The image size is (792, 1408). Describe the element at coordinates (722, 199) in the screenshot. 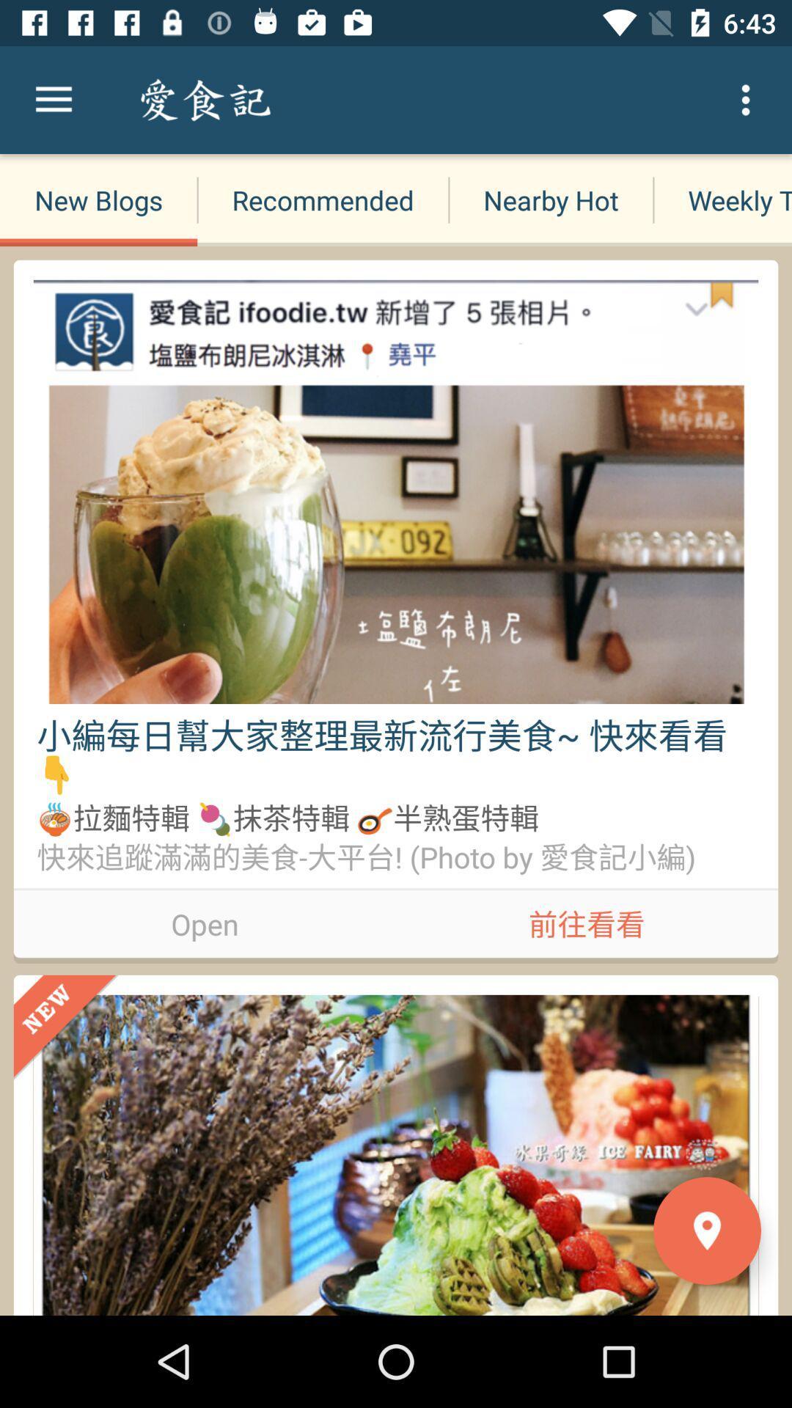

I see `the weekly tops` at that location.